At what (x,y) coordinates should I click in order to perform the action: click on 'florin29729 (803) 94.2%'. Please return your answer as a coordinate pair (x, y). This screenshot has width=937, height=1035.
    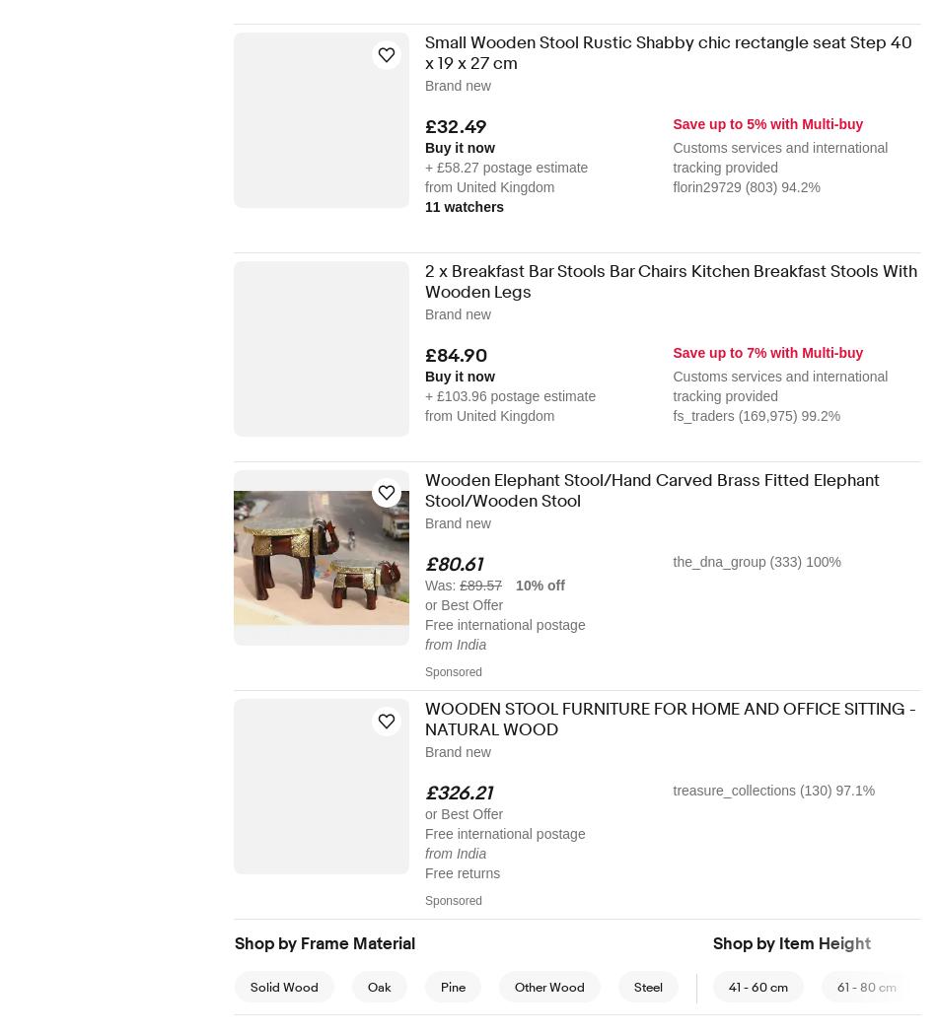
    Looking at the image, I should click on (673, 185).